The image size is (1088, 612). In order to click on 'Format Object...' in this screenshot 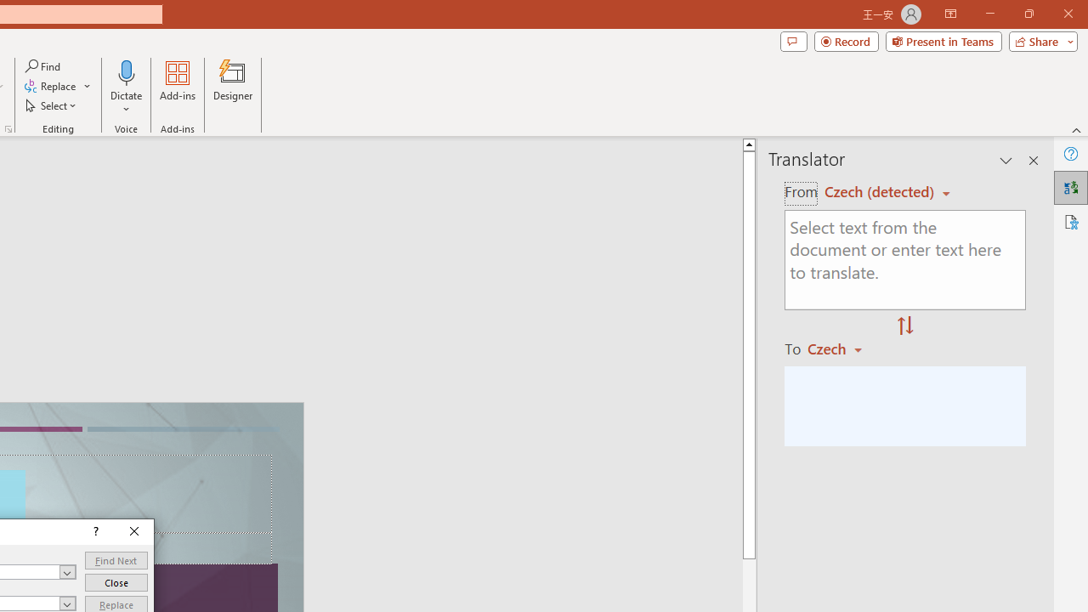, I will do `click(8, 127)`.